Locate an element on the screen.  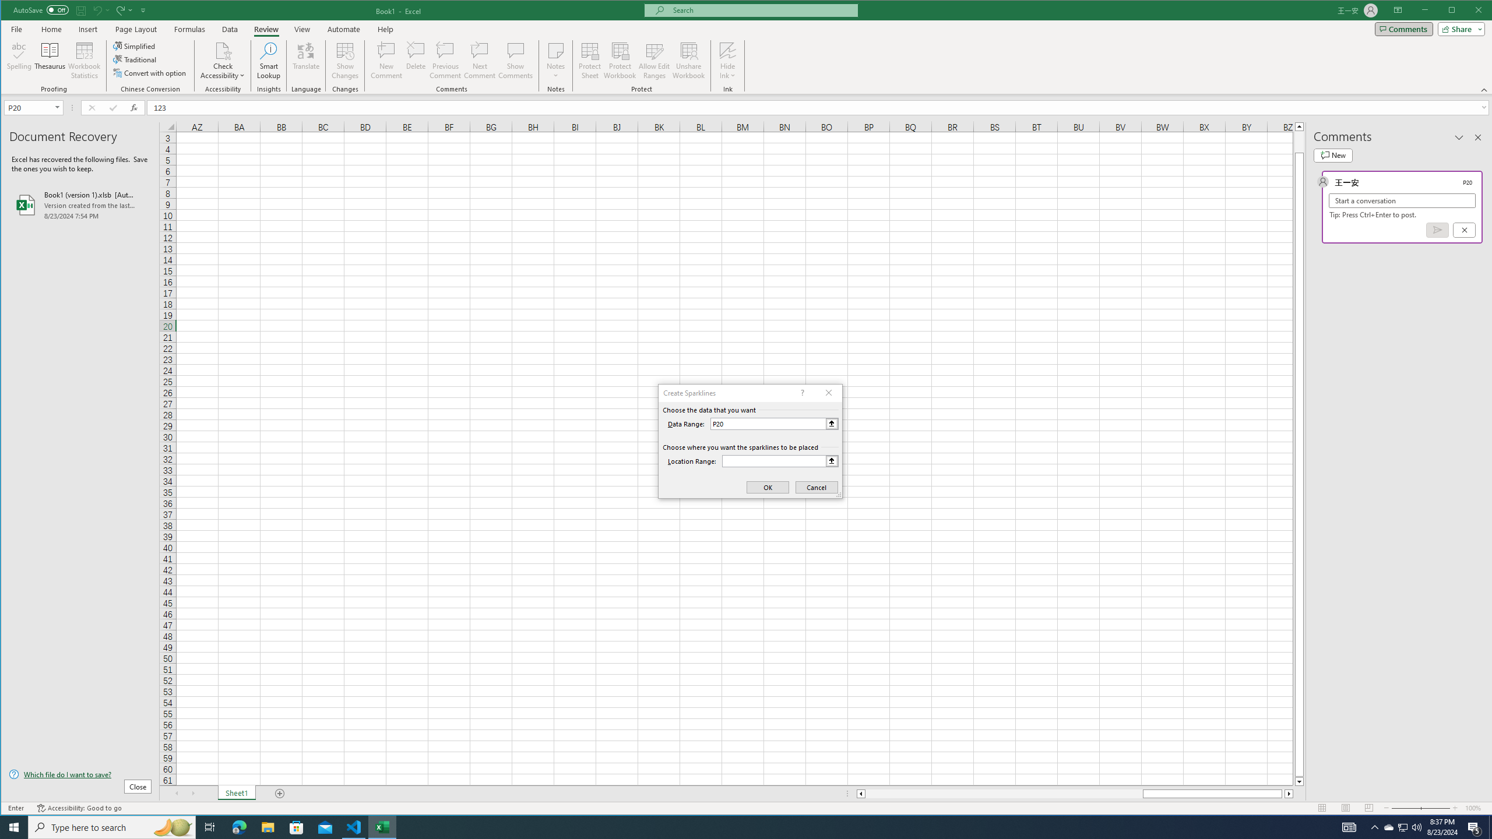
'Zoom Out' is located at coordinates (1406, 808).